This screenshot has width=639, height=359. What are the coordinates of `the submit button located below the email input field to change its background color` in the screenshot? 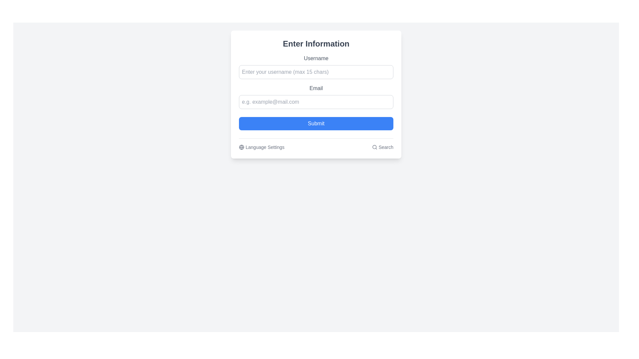 It's located at (316, 123).